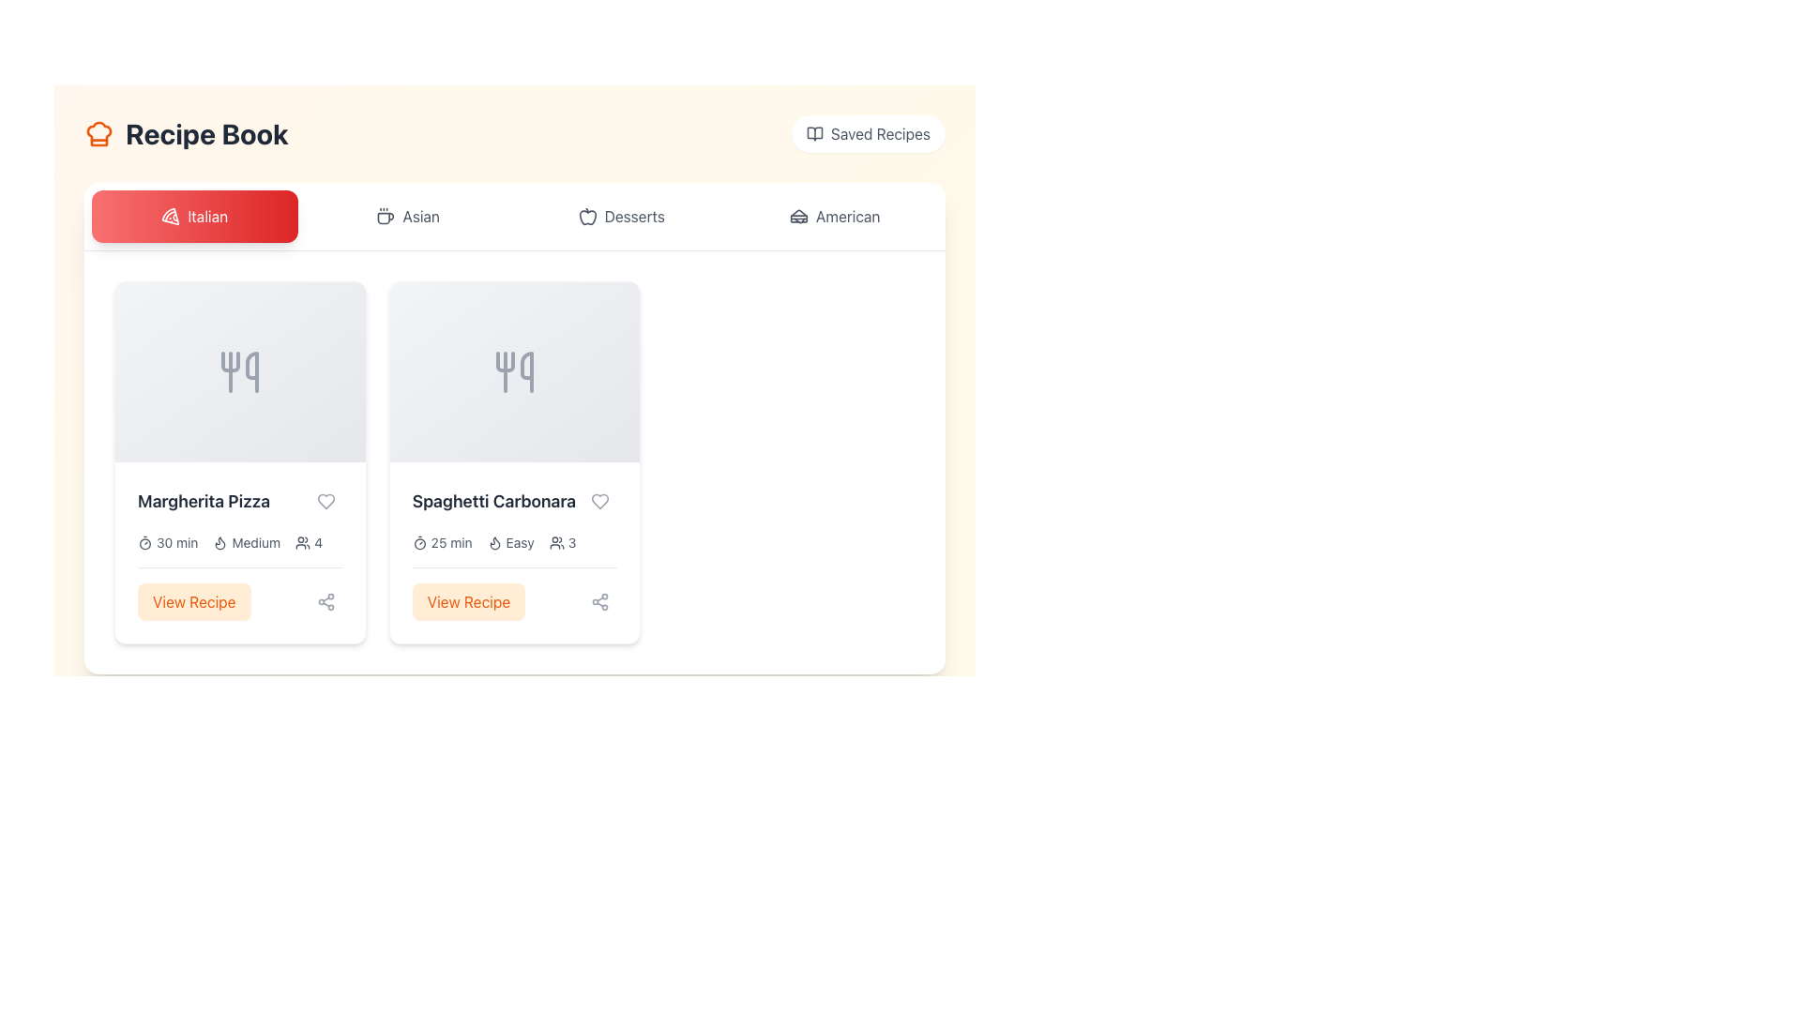 The height and width of the screenshot is (1013, 1801). I want to click on the SVG timer icon located in the second recipe card, positioned to the left of the text '25 min', so click(418, 542).